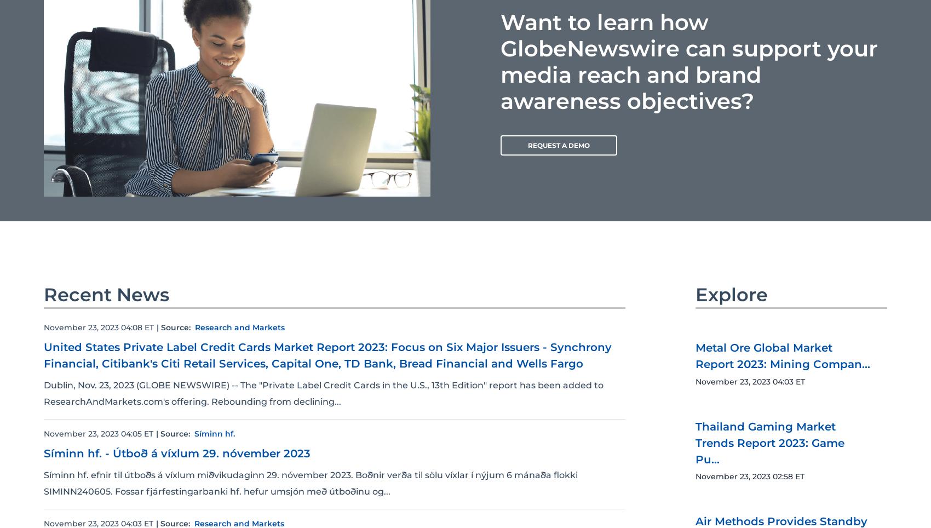 The width and height of the screenshot is (931, 528). I want to click on 'Dublin, Nov.  23, 2023  (GLOBE NEWSWIRE) -- The "Private Label Credit Cards in the U.S., 13th Edition" report has been added to  ResearchAndMarkets.com's offering.   Rebounding from declining...', so click(44, 393).